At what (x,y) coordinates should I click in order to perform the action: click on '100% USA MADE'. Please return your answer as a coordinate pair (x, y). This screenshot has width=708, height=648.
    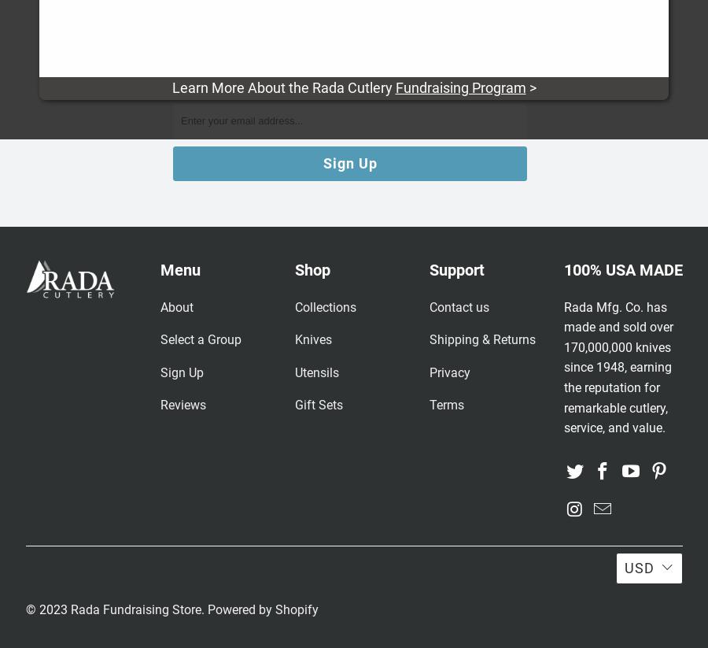
    Looking at the image, I should click on (622, 269).